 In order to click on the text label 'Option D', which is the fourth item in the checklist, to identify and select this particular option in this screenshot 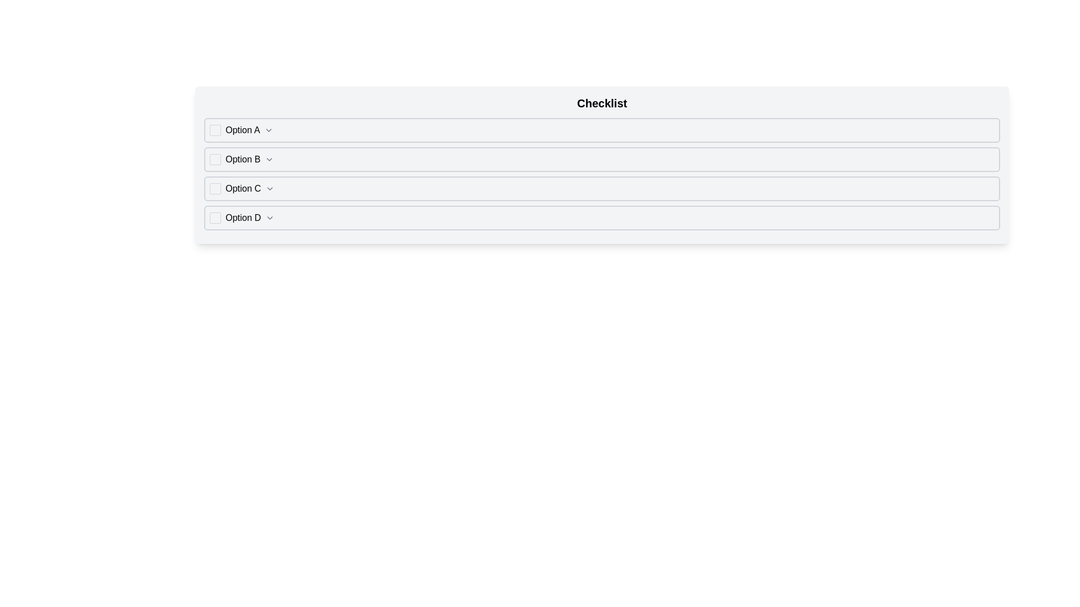, I will do `click(242, 218)`.